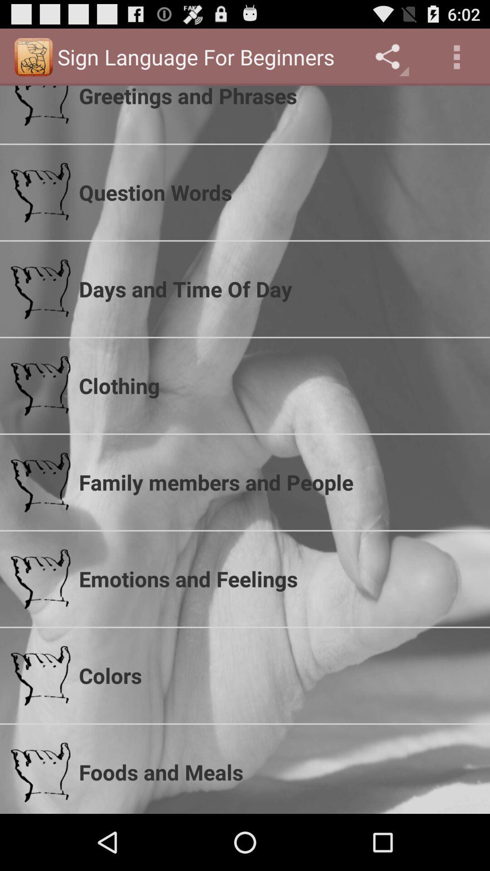  I want to click on greetings and phrases item, so click(278, 98).